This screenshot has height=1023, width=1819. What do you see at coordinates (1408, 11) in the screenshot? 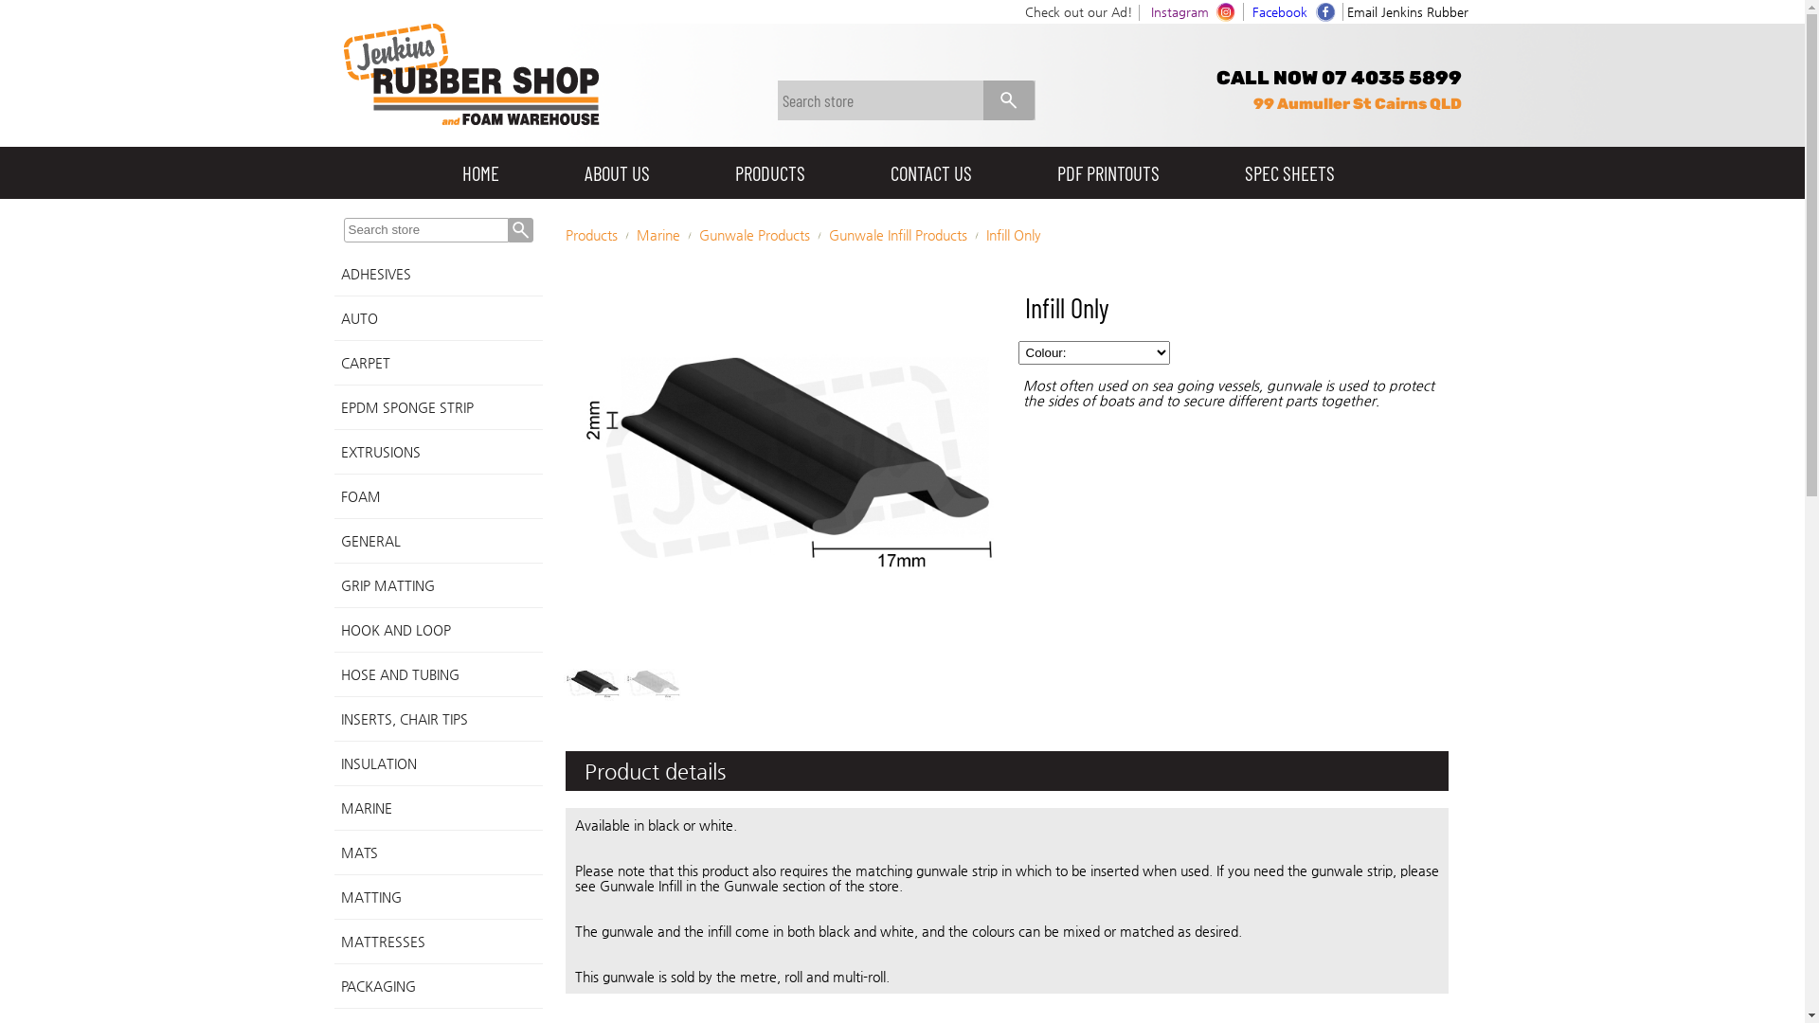
I see `'Email Jenkins Rubber'` at bounding box center [1408, 11].